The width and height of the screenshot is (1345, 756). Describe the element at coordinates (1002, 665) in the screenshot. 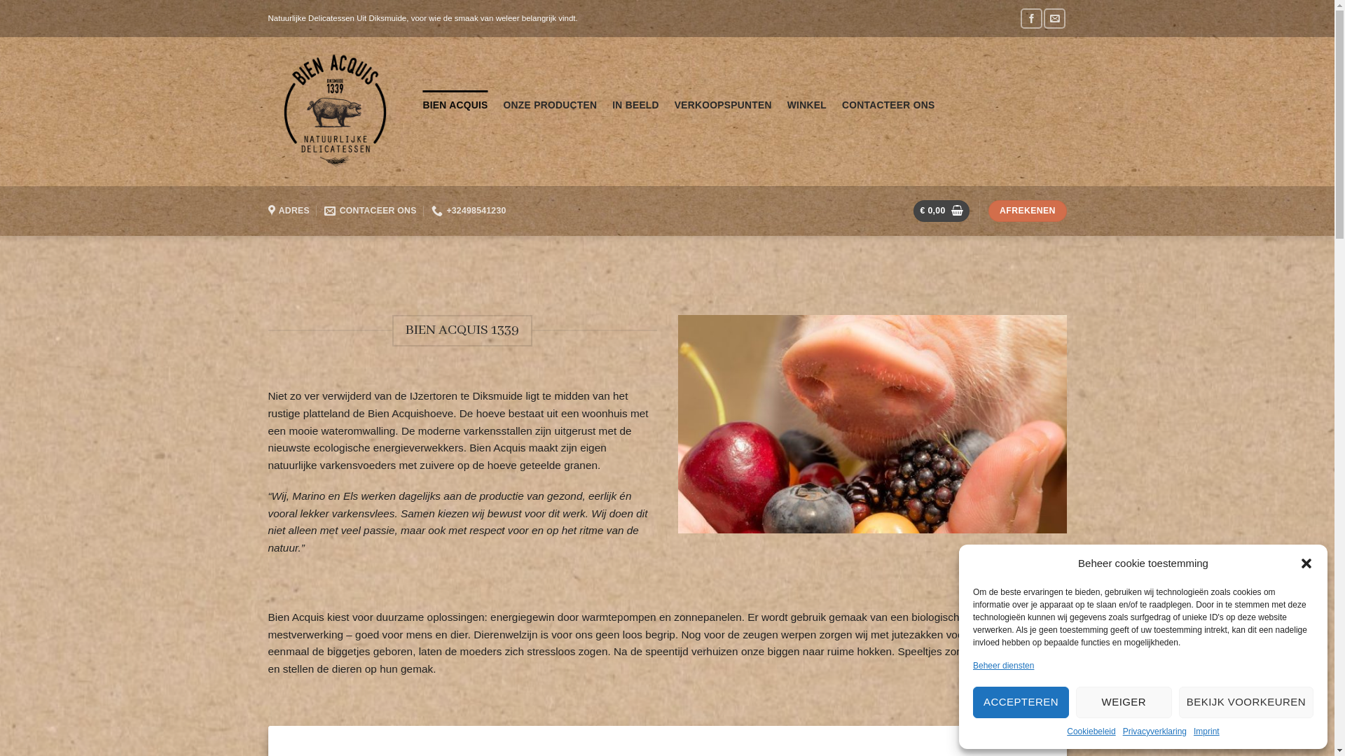

I see `'Beheer diensten'` at that location.